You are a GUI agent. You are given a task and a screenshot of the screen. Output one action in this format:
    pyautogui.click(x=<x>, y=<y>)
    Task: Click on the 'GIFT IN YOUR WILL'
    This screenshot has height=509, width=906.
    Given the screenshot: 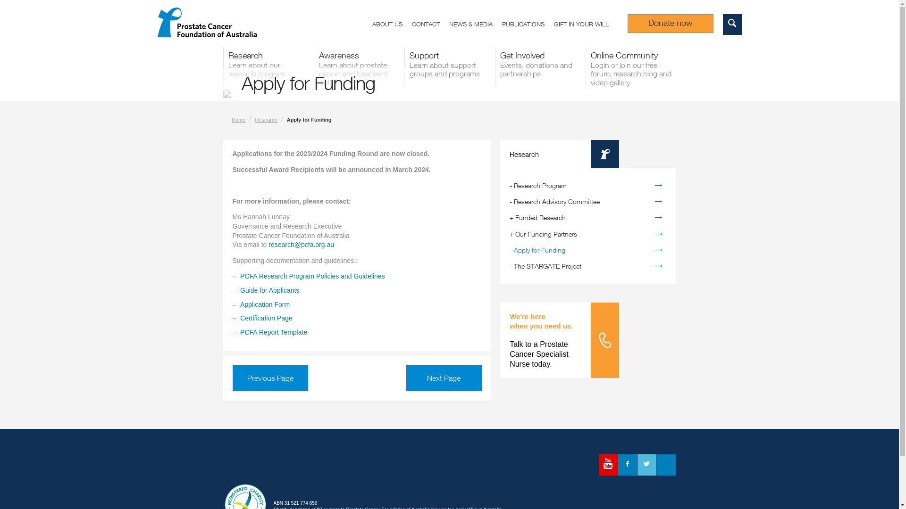 What is the action you would take?
    pyautogui.click(x=554, y=25)
    